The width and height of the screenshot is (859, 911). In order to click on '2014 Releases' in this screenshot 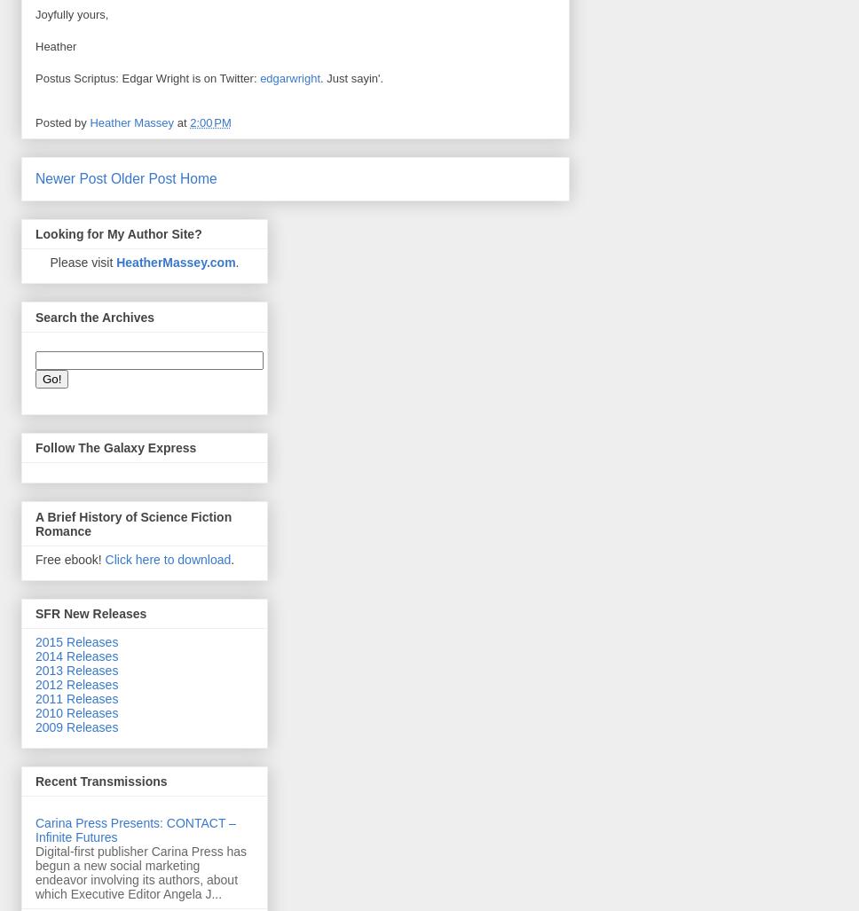, I will do `click(35, 656)`.